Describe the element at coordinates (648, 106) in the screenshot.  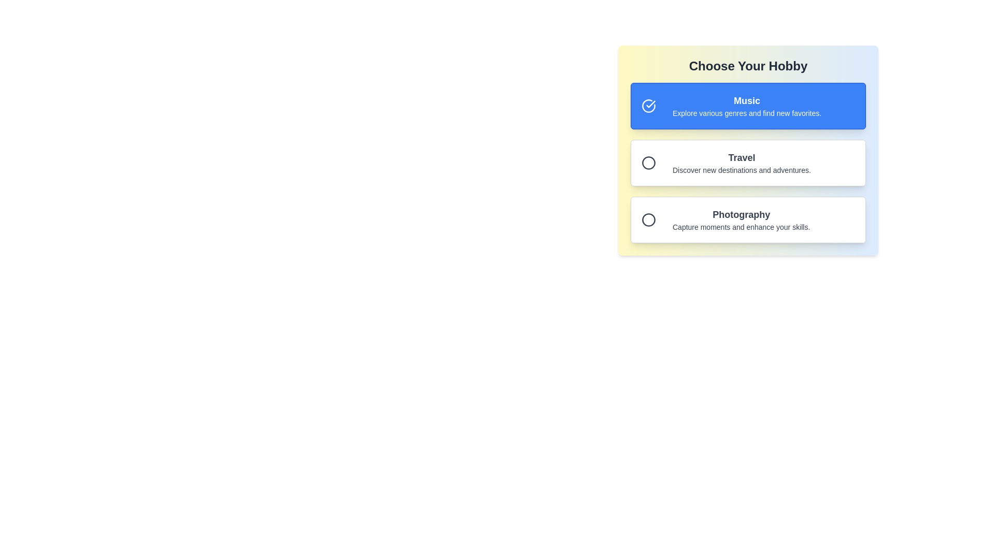
I see `the Icon (Circle Checkmark) located at the far-left of the 'Music' card, which features a circular design with a checkmark on a blue background` at that location.